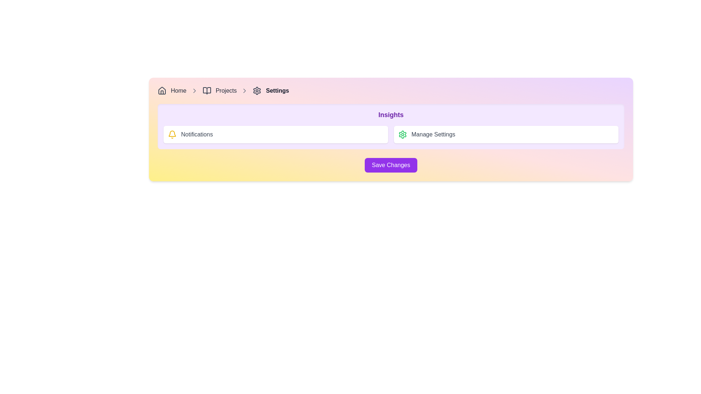 This screenshot has height=394, width=701. Describe the element at coordinates (206, 90) in the screenshot. I see `the 'Projects' vector icon` at that location.